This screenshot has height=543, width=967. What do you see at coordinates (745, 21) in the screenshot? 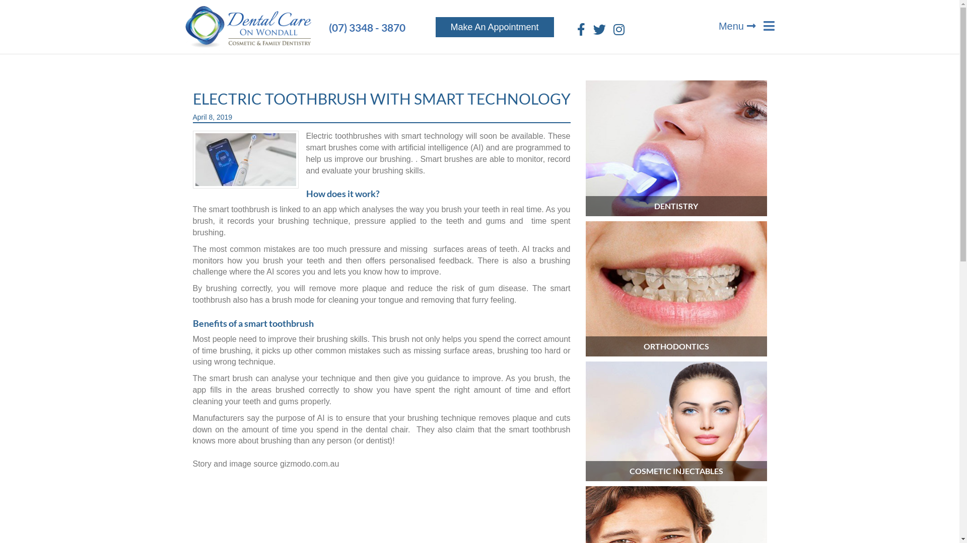
I see `'Menu'` at bounding box center [745, 21].